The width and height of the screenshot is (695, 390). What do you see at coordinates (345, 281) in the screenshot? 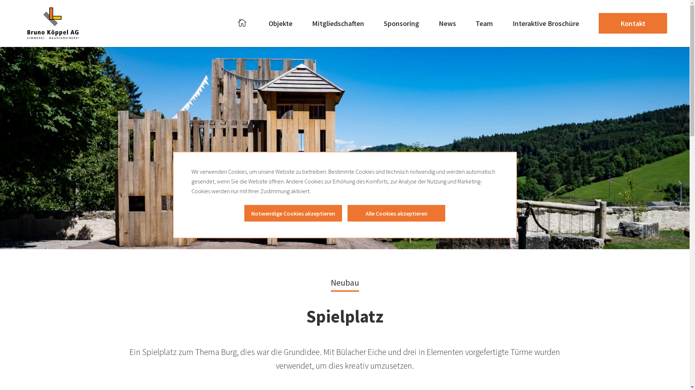
I see `'Neubau'` at bounding box center [345, 281].